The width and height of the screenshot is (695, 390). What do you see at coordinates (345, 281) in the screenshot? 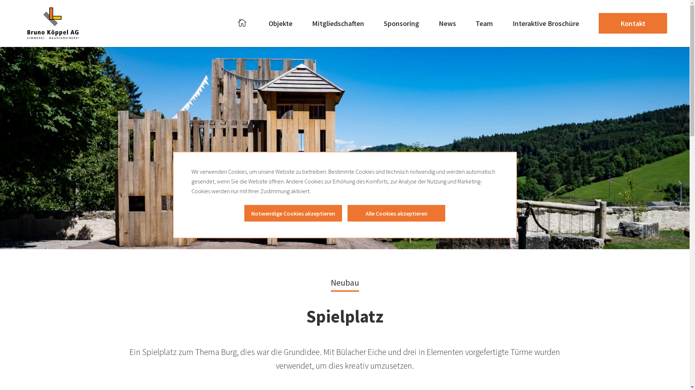
I see `'Neubau'` at bounding box center [345, 281].